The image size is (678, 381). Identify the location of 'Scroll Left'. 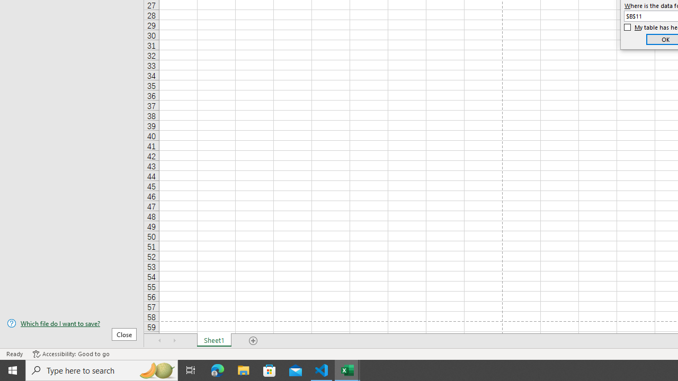
(159, 341).